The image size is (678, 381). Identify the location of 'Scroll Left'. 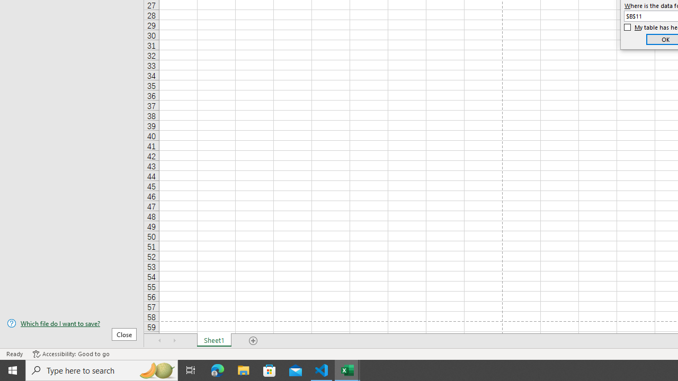
(159, 341).